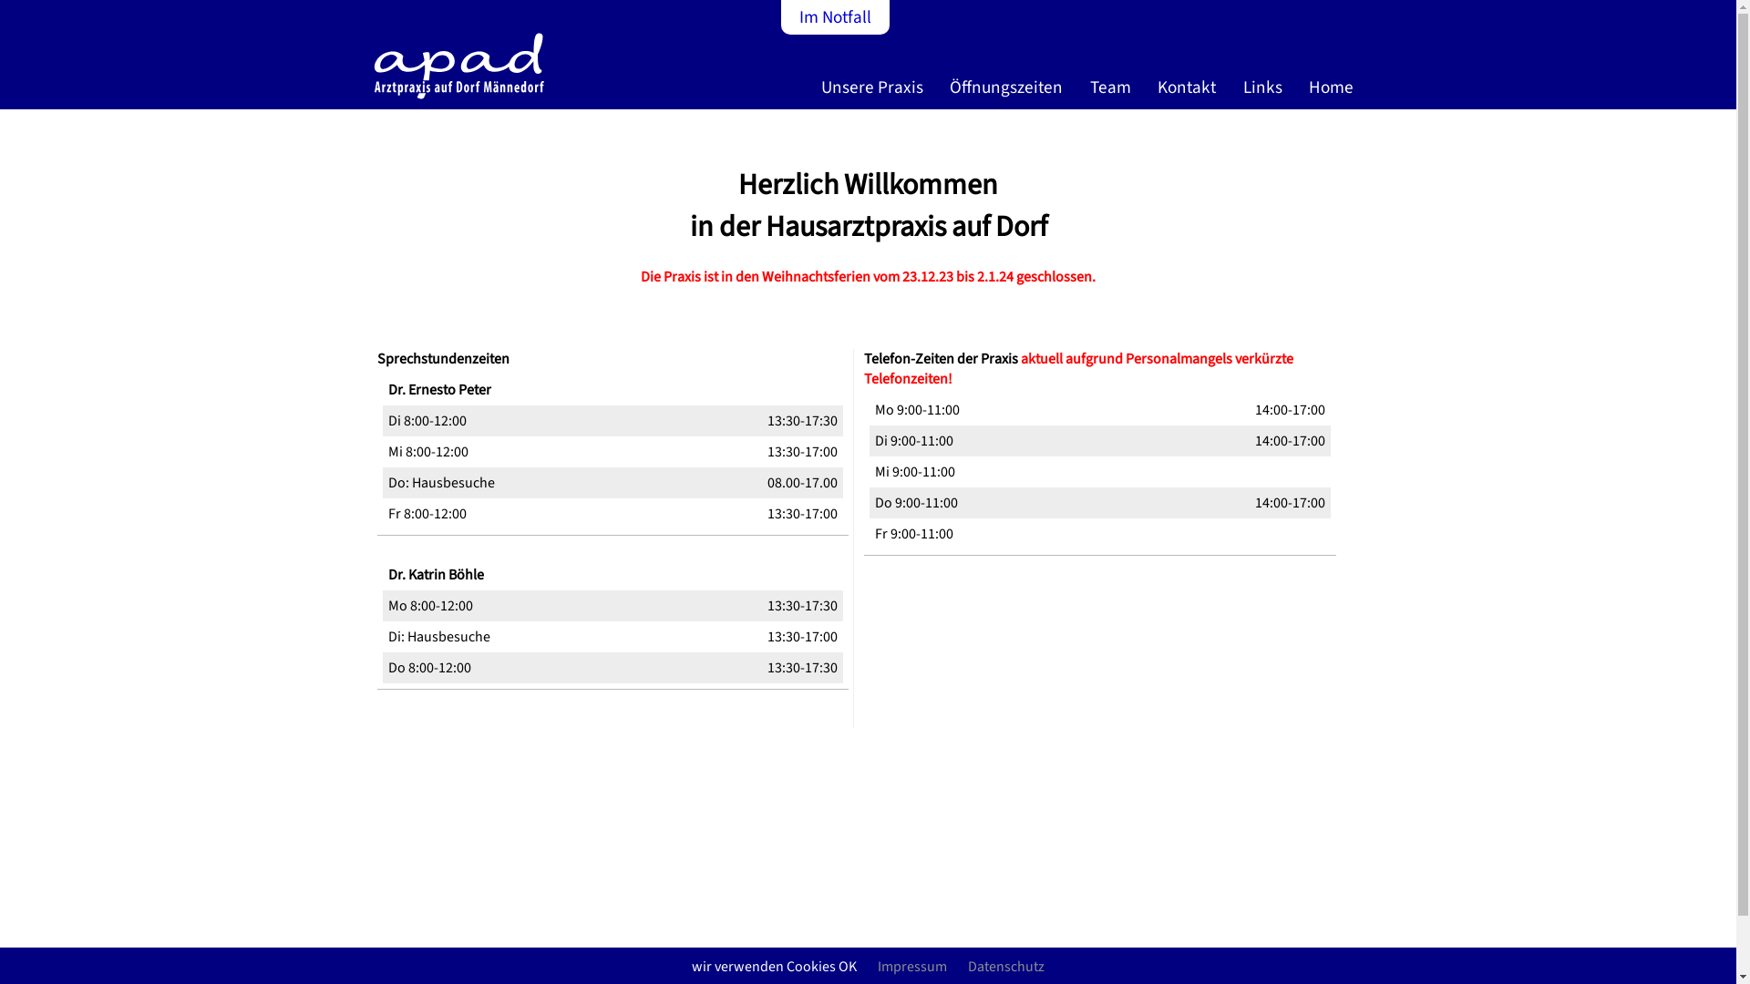 This screenshot has height=984, width=1750. I want to click on 'Home', so click(1334, 94).